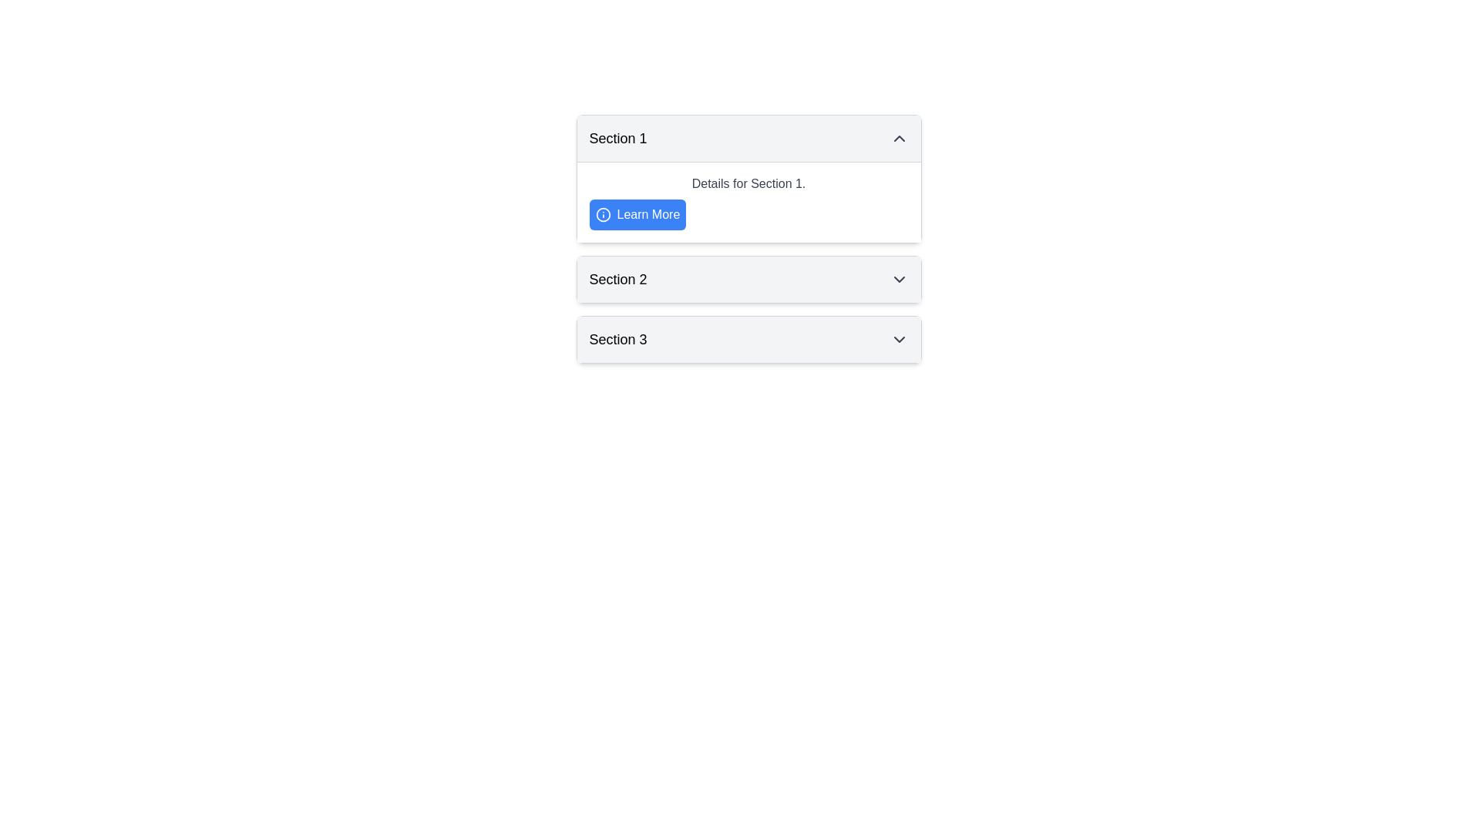  I want to click on the informational Text display related to Section 1, which is positioned beneath the text 'Section 1' and above the 'Learn More' button, so click(748, 183).